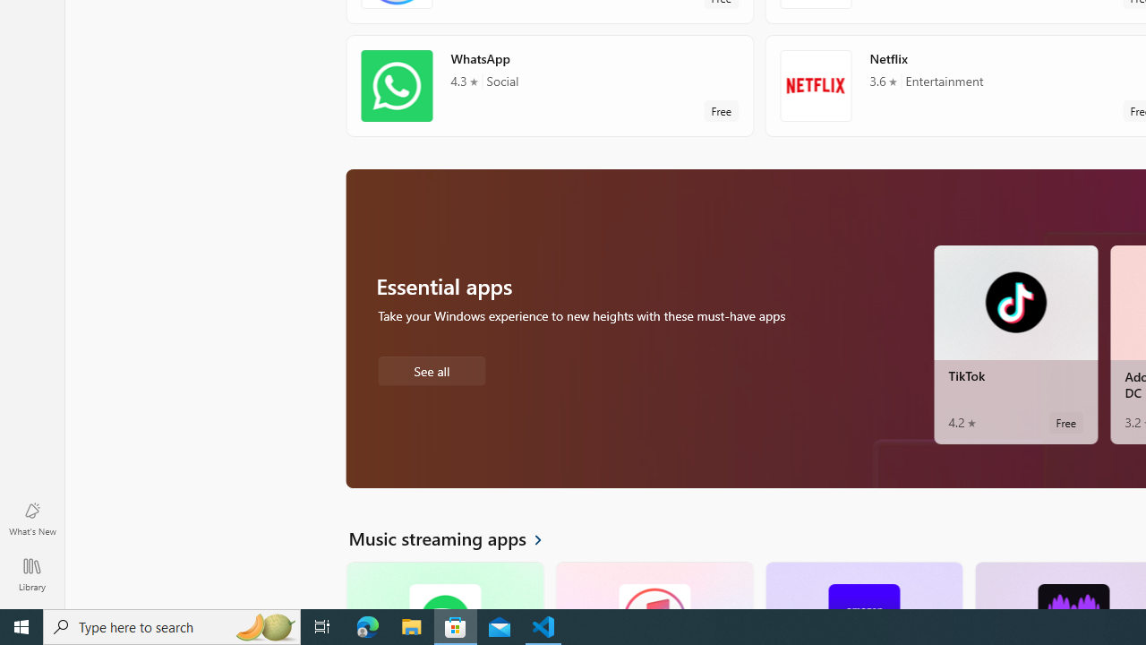  I want to click on 'See all  Music streaming apps', so click(456, 537).